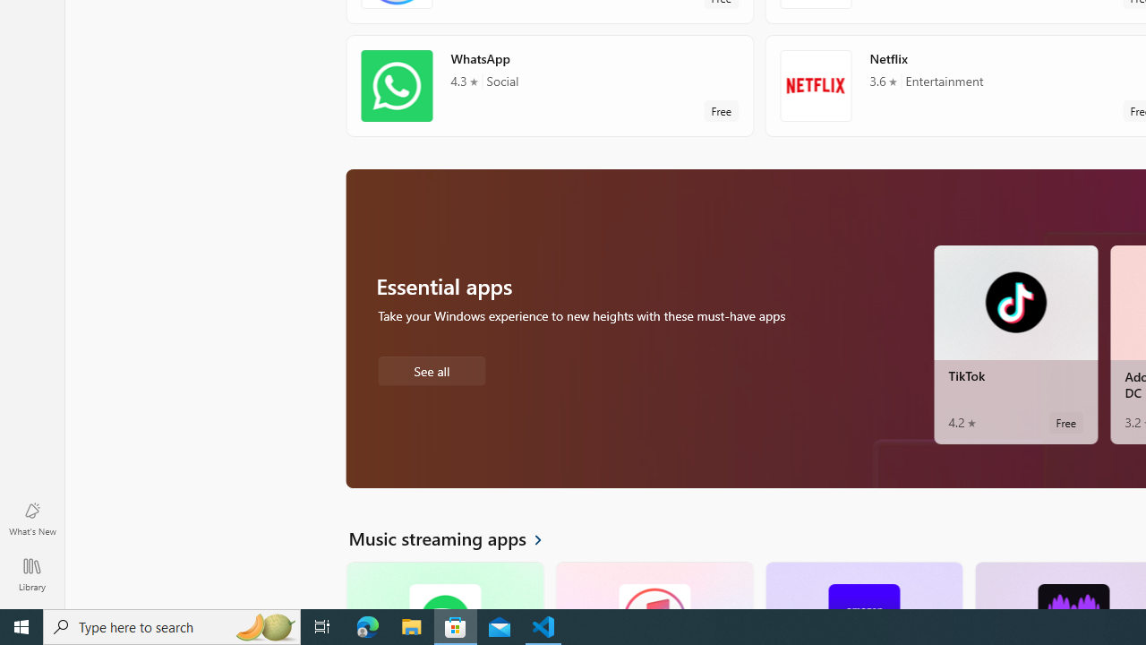  I want to click on 'See all  Music streaming apps', so click(456, 537).